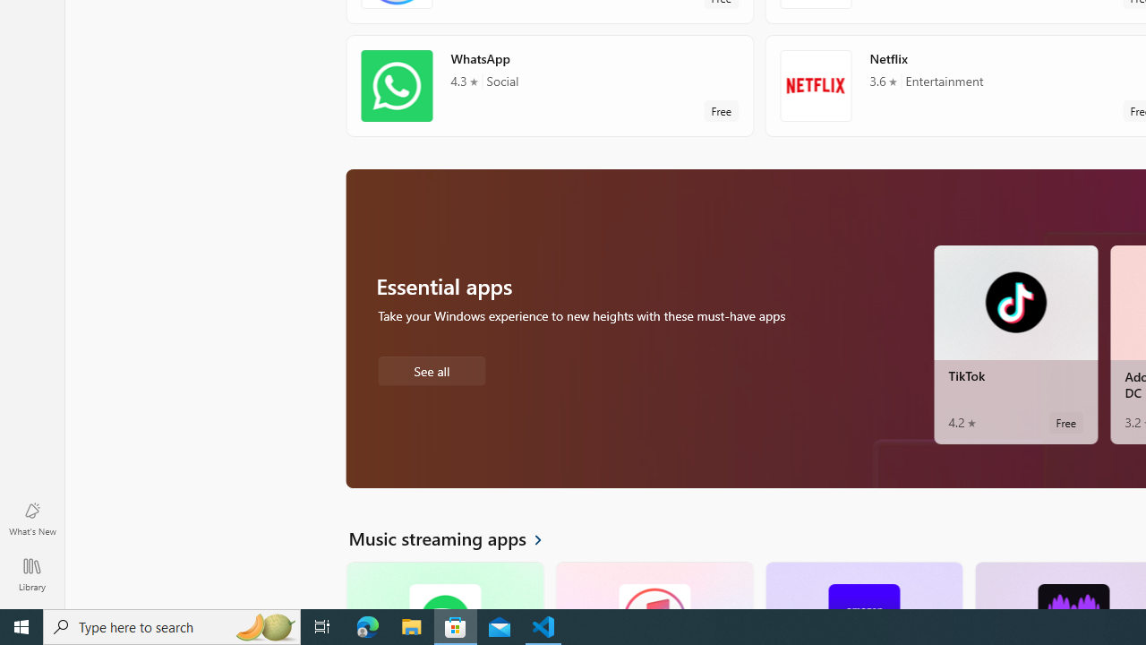  I want to click on 'See all  Music streaming apps', so click(456, 537).